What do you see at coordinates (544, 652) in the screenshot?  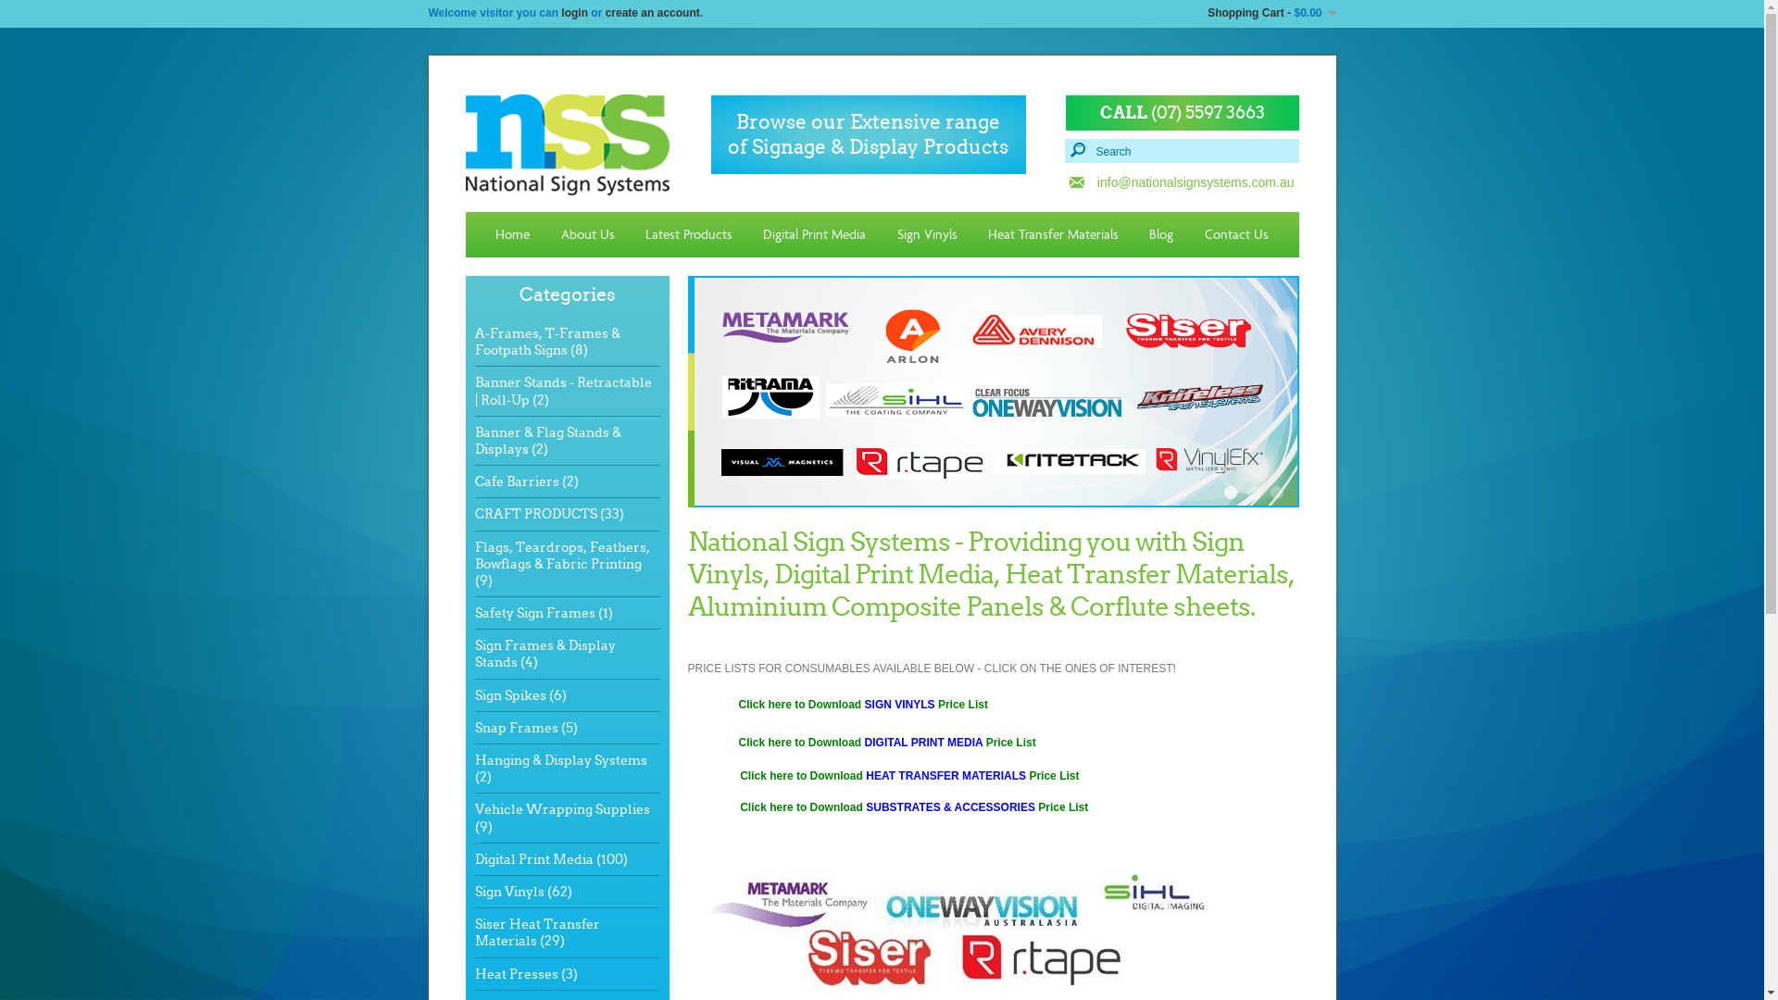 I see `'Sign Frames & Display Stands (4)'` at bounding box center [544, 652].